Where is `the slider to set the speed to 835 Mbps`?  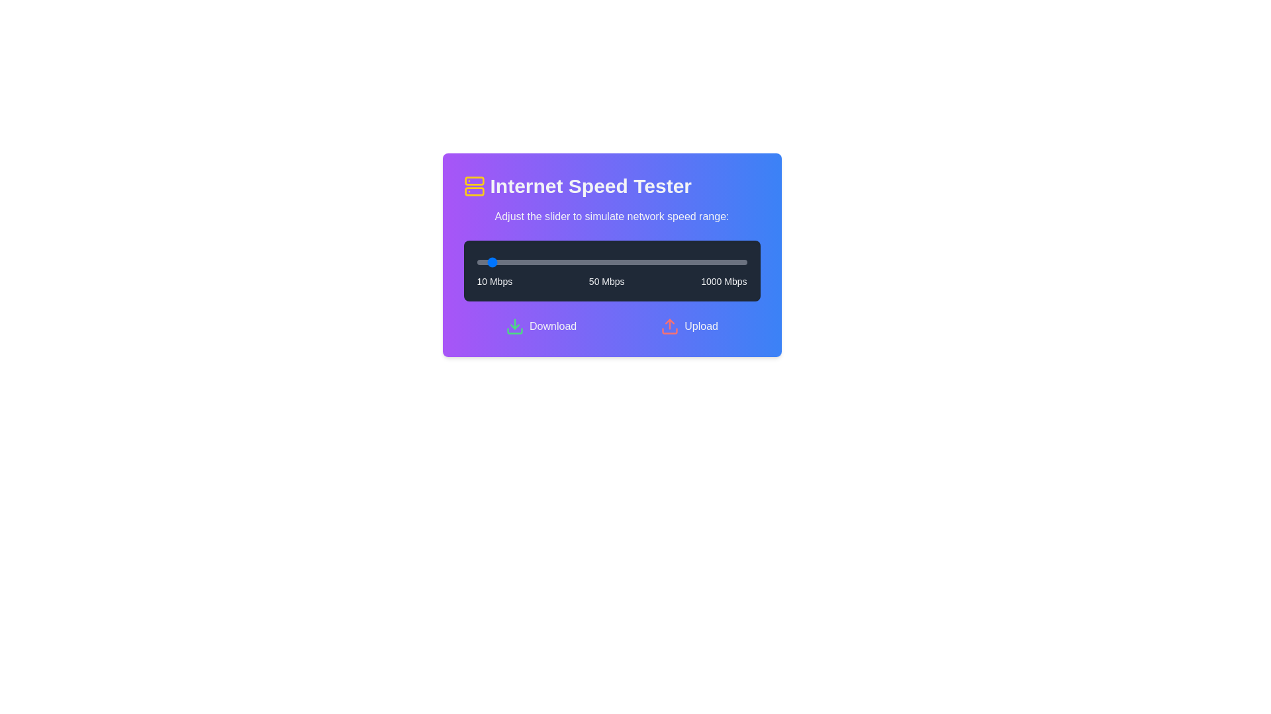
the slider to set the speed to 835 Mbps is located at coordinates (701, 262).